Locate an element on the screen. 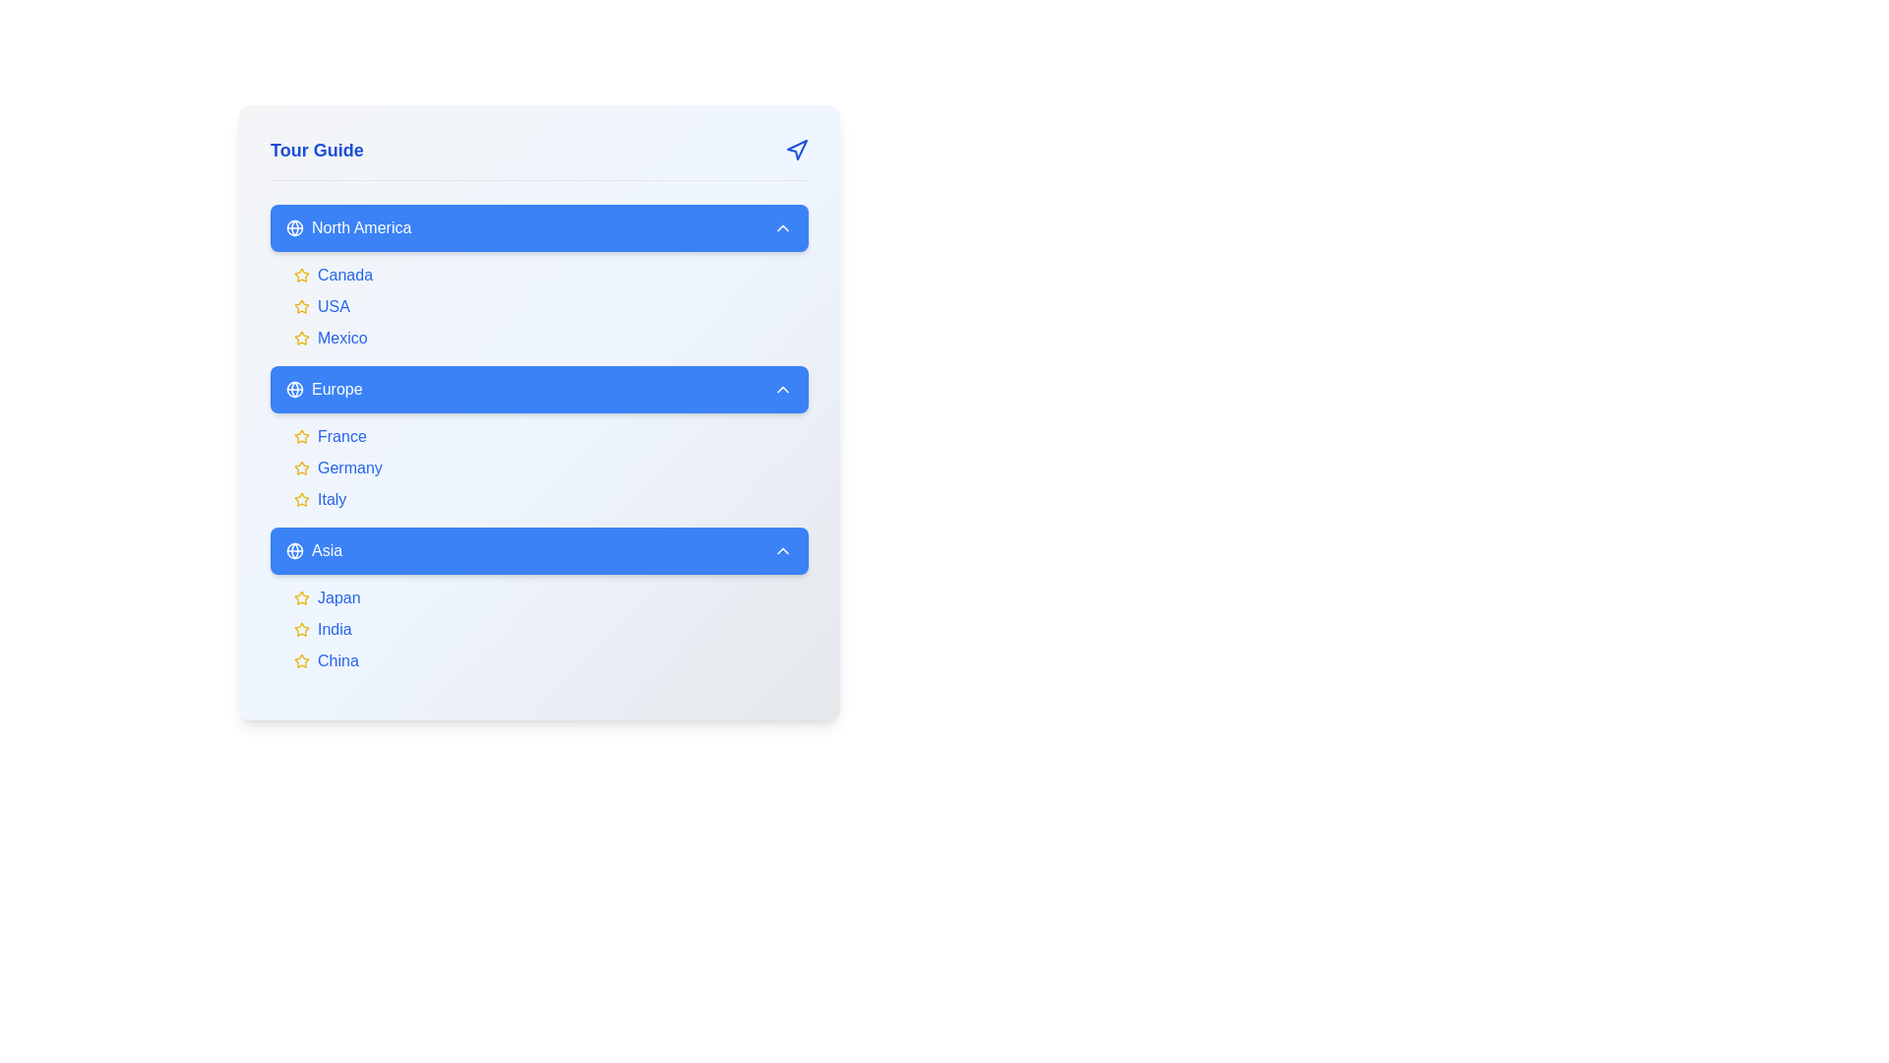 This screenshot has height=1063, width=1889. the icon on the right end of the 'Asia' button is located at coordinates (782, 550).